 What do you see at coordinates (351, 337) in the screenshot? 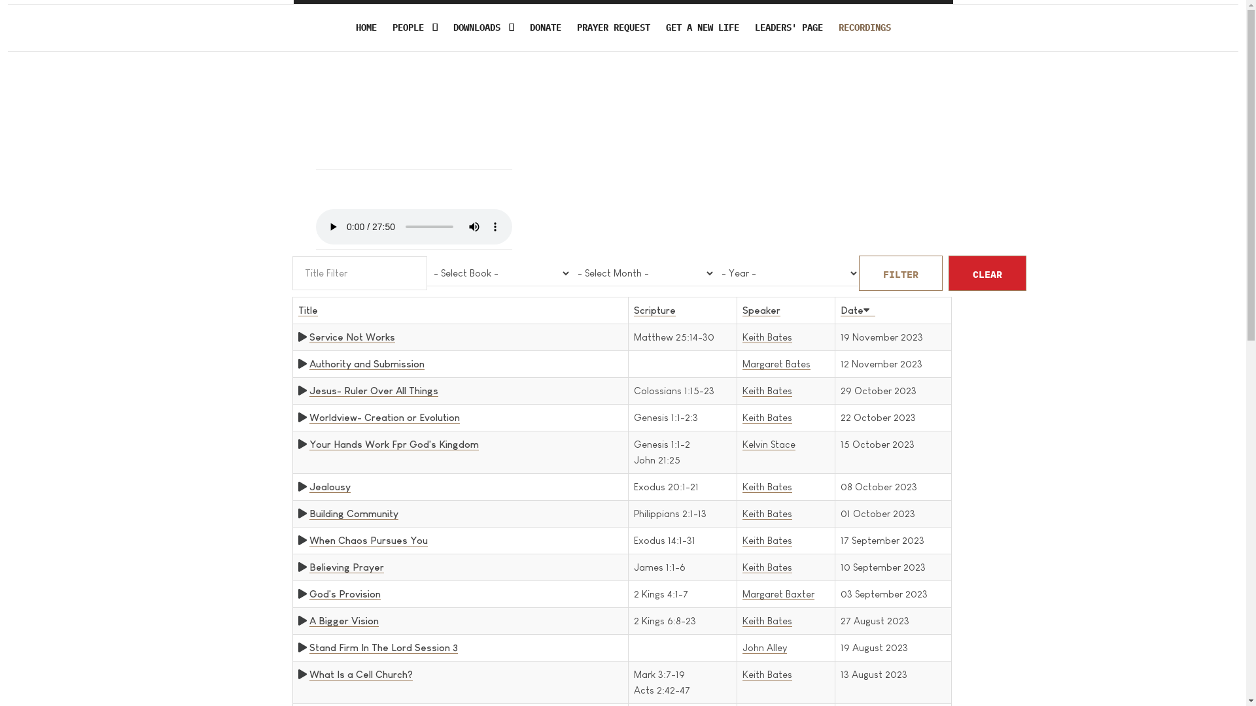
I see `'Service Not Works'` at bounding box center [351, 337].